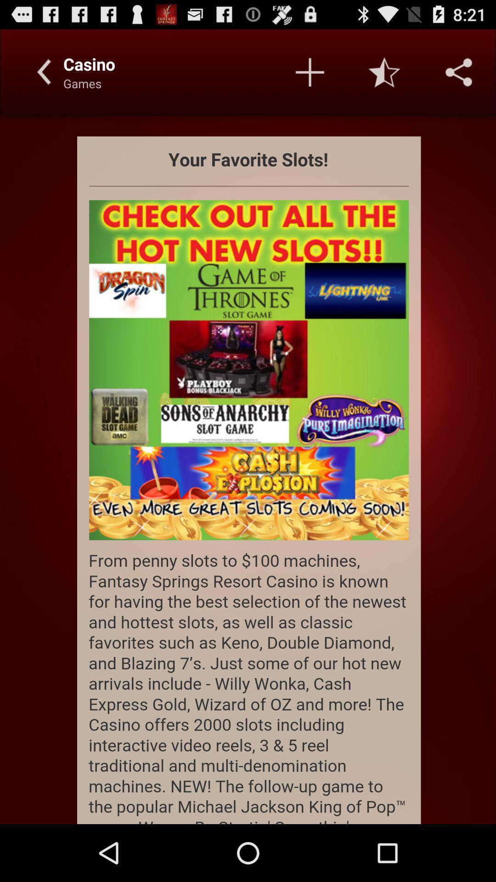  Describe the element at coordinates (459, 72) in the screenshot. I see `share the image` at that location.